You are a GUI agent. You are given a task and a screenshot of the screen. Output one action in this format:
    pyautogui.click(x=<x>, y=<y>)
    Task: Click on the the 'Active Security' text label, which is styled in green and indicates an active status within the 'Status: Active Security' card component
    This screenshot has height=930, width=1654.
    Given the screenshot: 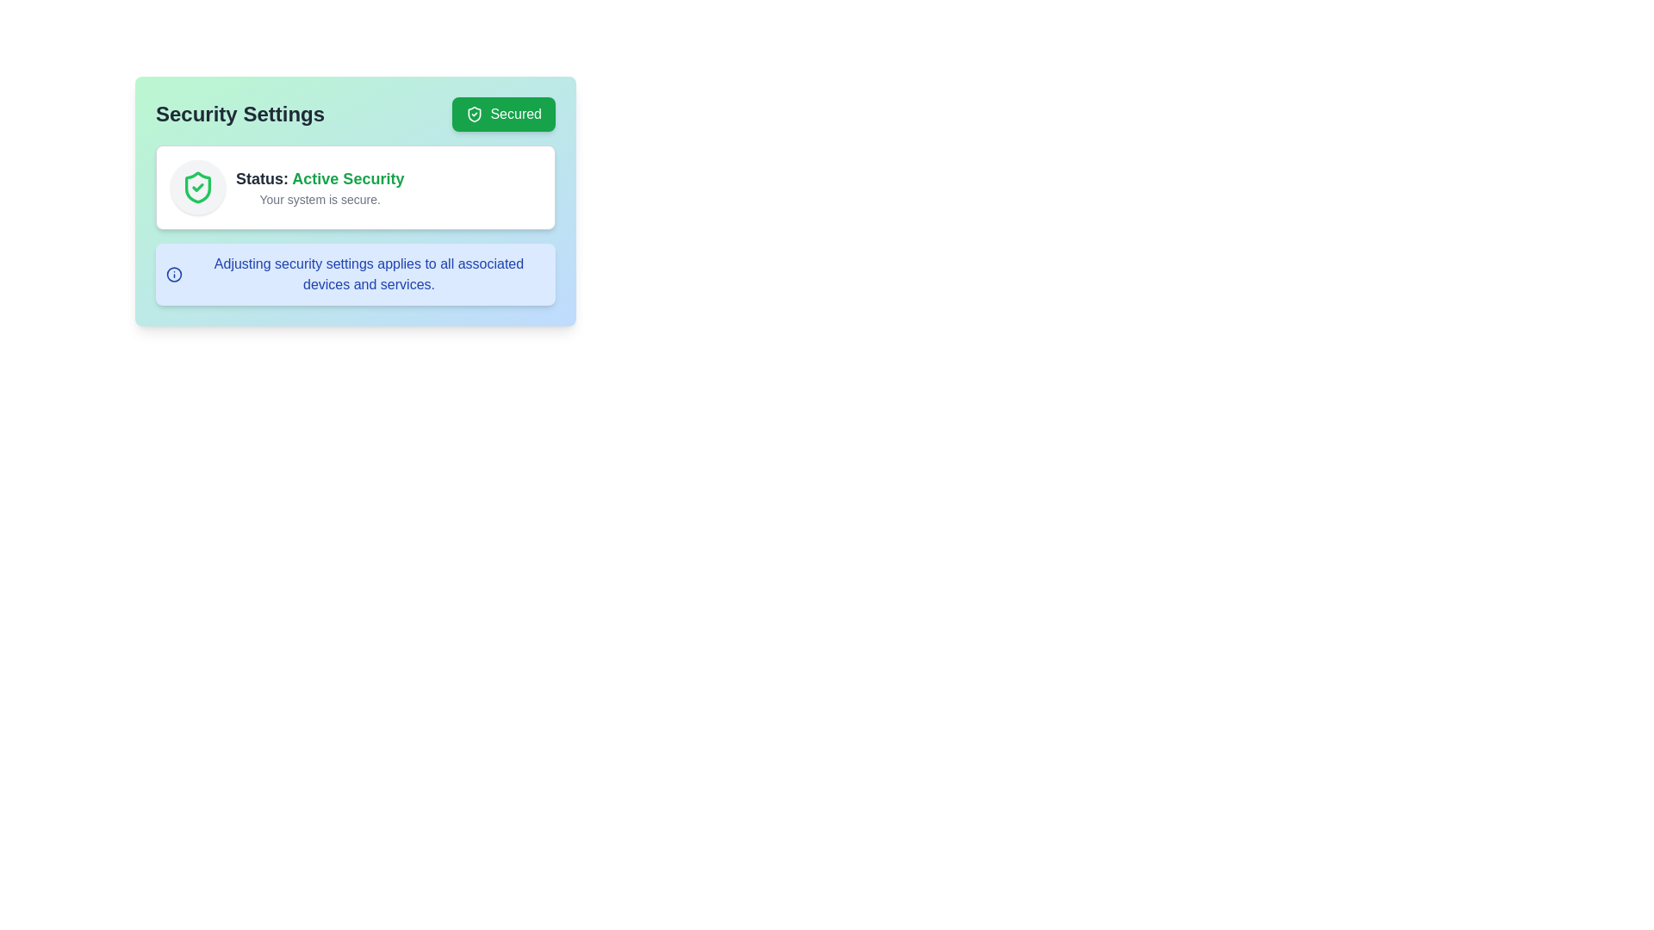 What is the action you would take?
    pyautogui.click(x=347, y=179)
    